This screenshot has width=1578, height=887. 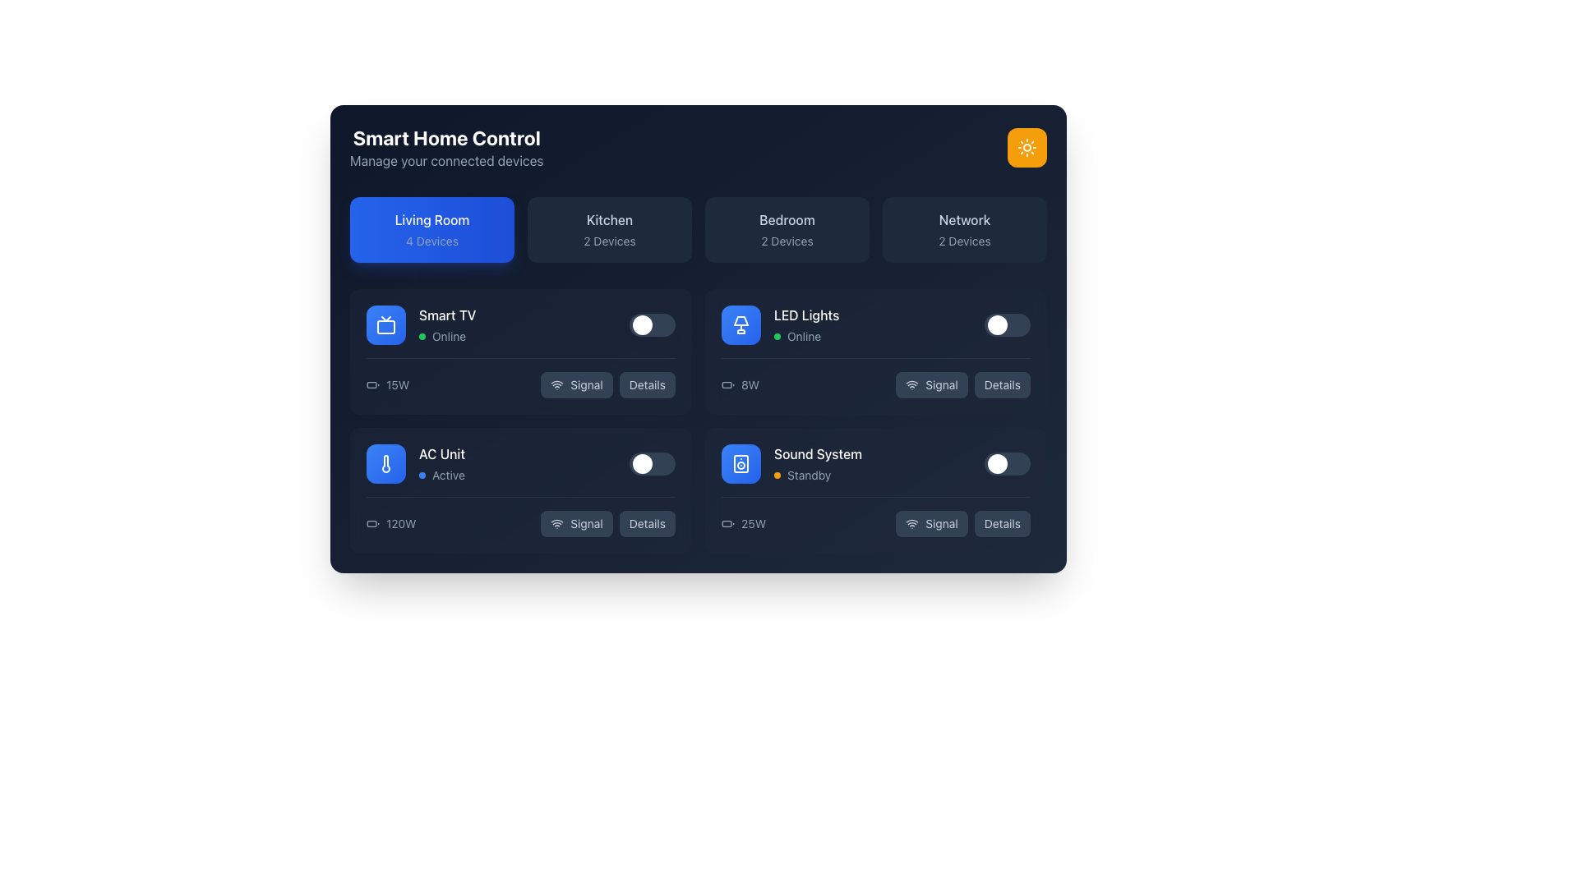 I want to click on the toggle switch controlling the power state of the 'LED Lights' in the 'Living Room' card, so click(x=1006, y=325).